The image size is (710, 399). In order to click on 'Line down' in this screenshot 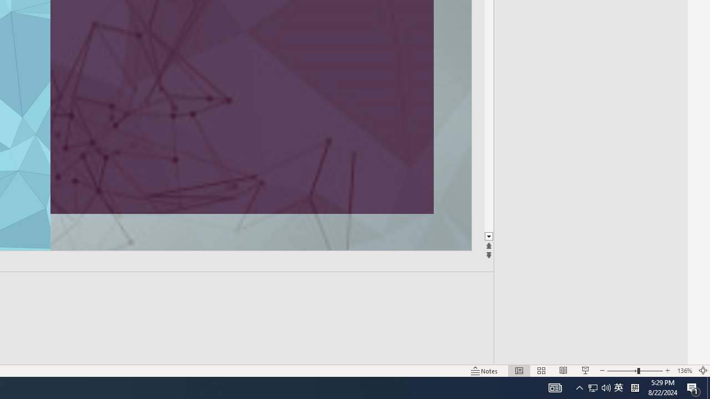, I will do `click(488, 236)`.